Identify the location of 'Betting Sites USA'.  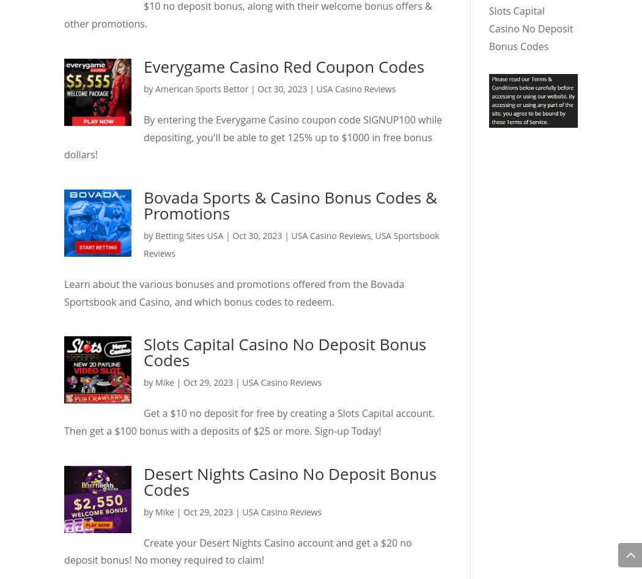
(189, 235).